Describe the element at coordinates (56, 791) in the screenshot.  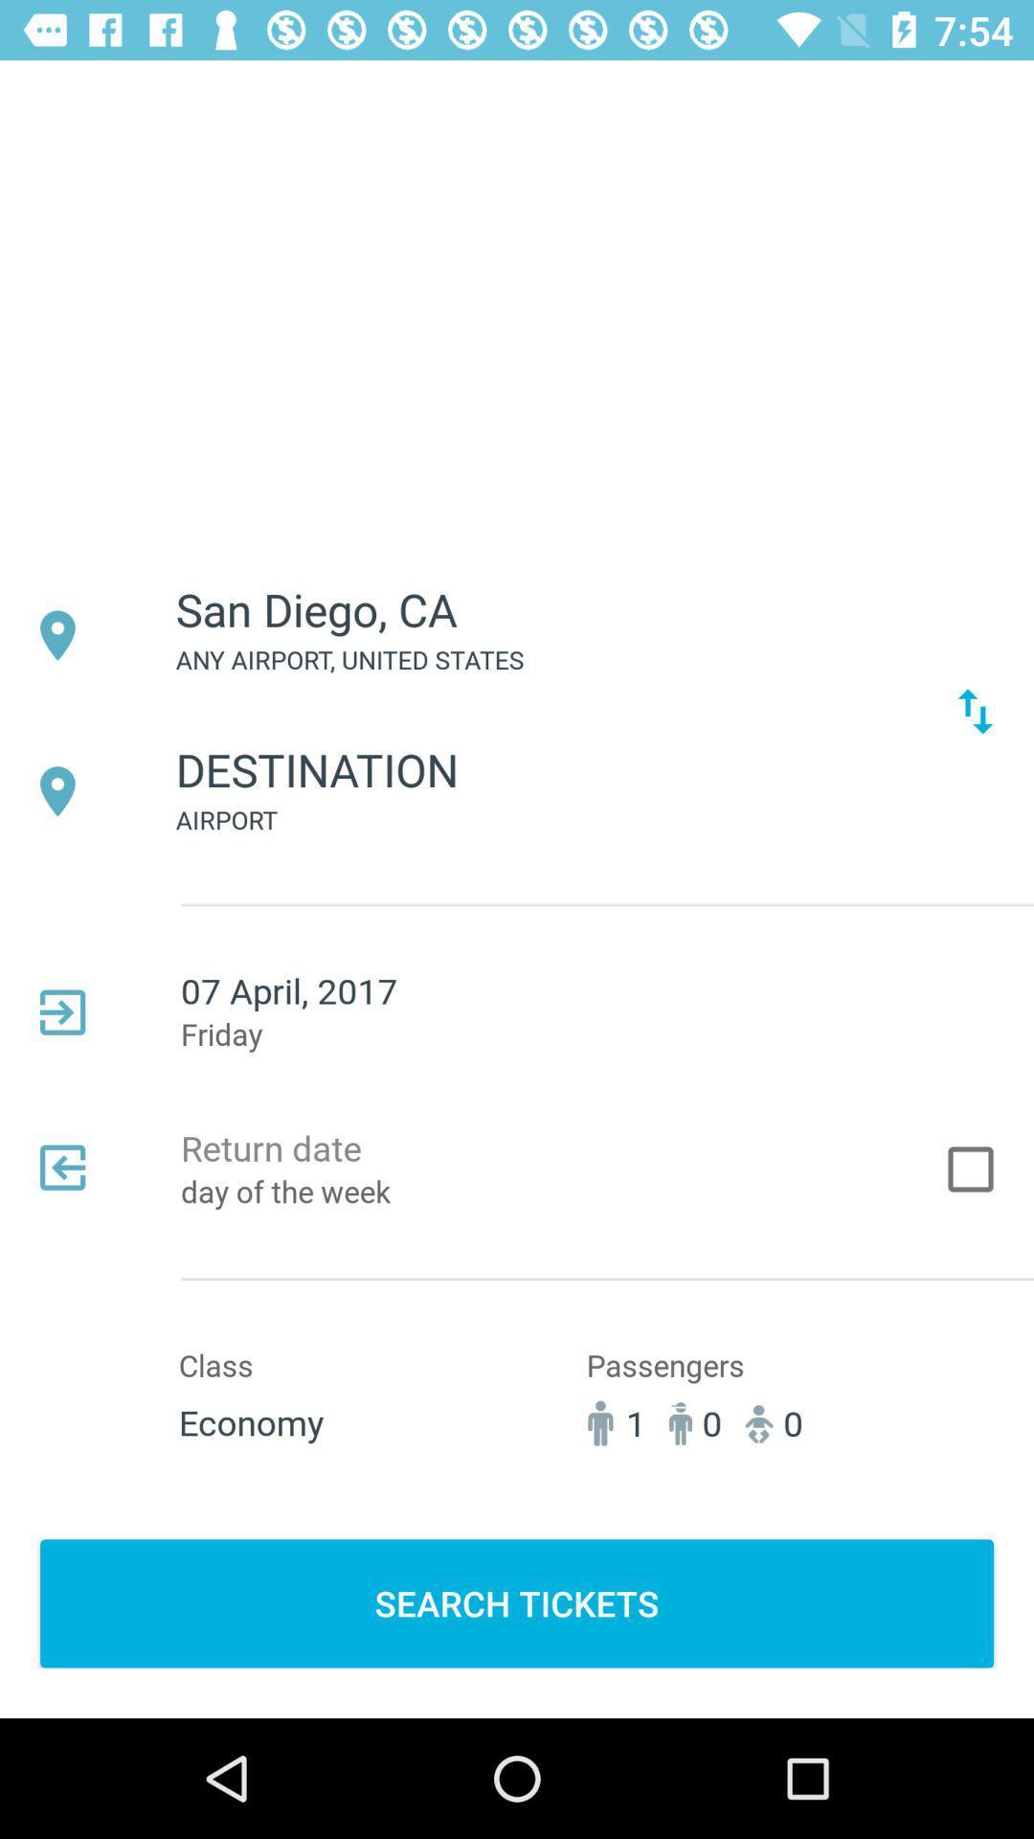
I see `the icon beside destination` at that location.